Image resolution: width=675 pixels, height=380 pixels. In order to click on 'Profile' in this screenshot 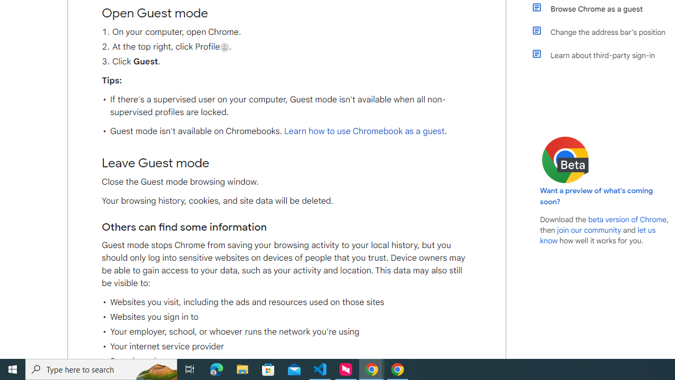, I will do `click(224, 46)`.